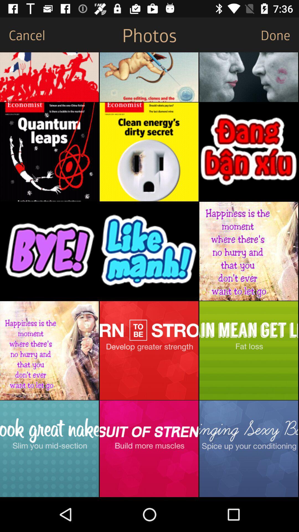 The height and width of the screenshot is (532, 299). Describe the element at coordinates (149, 77) in the screenshot. I see `choose photo` at that location.